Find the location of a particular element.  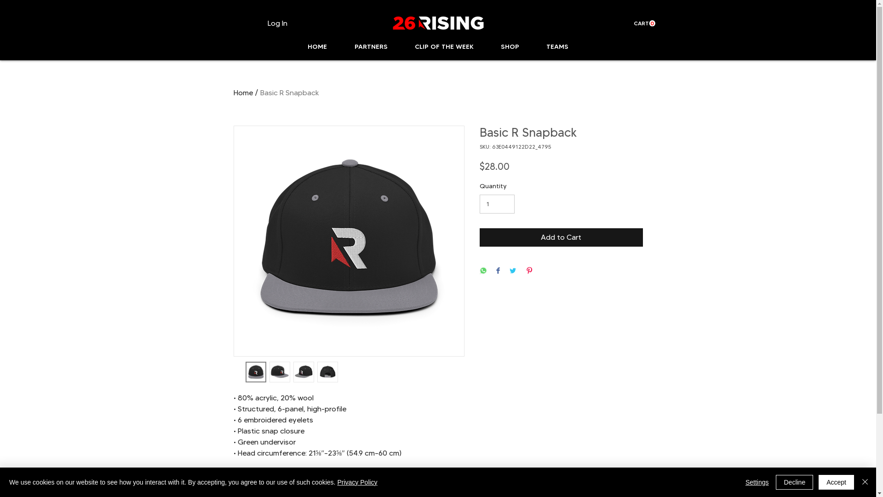

'Basic R Snapback' is located at coordinates (289, 92).